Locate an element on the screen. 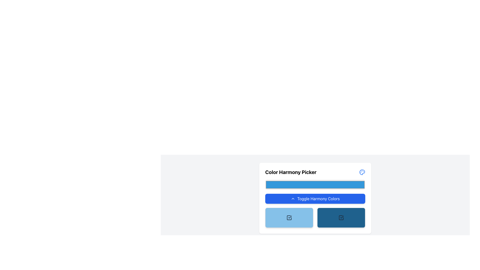 The height and width of the screenshot is (270, 480). the circular palette icon with colorful accents, resembling a painter's palette, located in the top right corner of the 'Color Harmony Picker' card is located at coordinates (362, 172).